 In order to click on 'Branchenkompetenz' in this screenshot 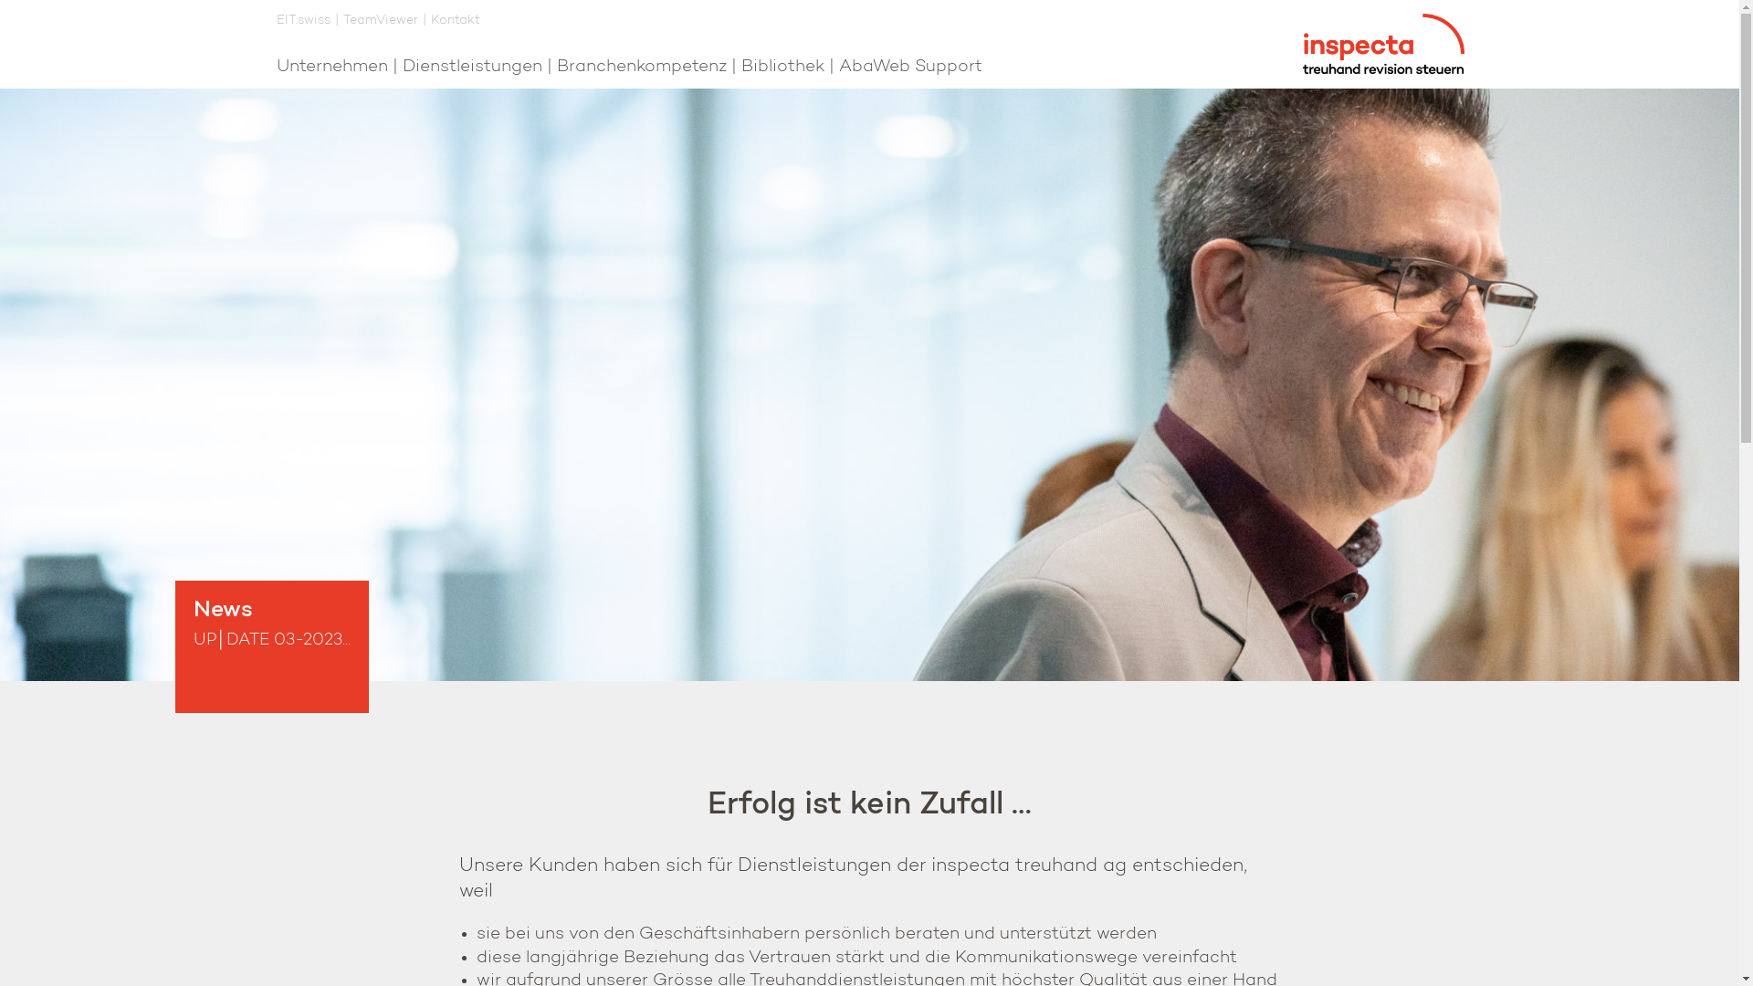, I will do `click(641, 66)`.